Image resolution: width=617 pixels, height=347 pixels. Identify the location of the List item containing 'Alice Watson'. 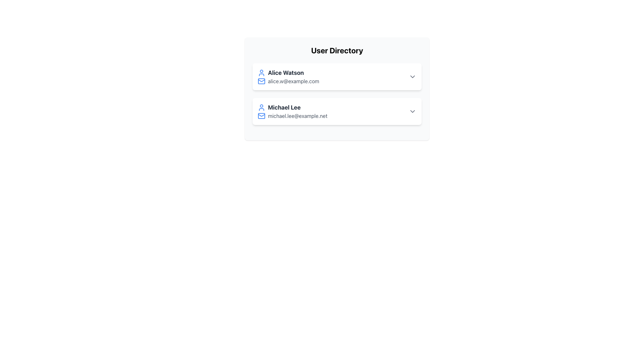
(337, 76).